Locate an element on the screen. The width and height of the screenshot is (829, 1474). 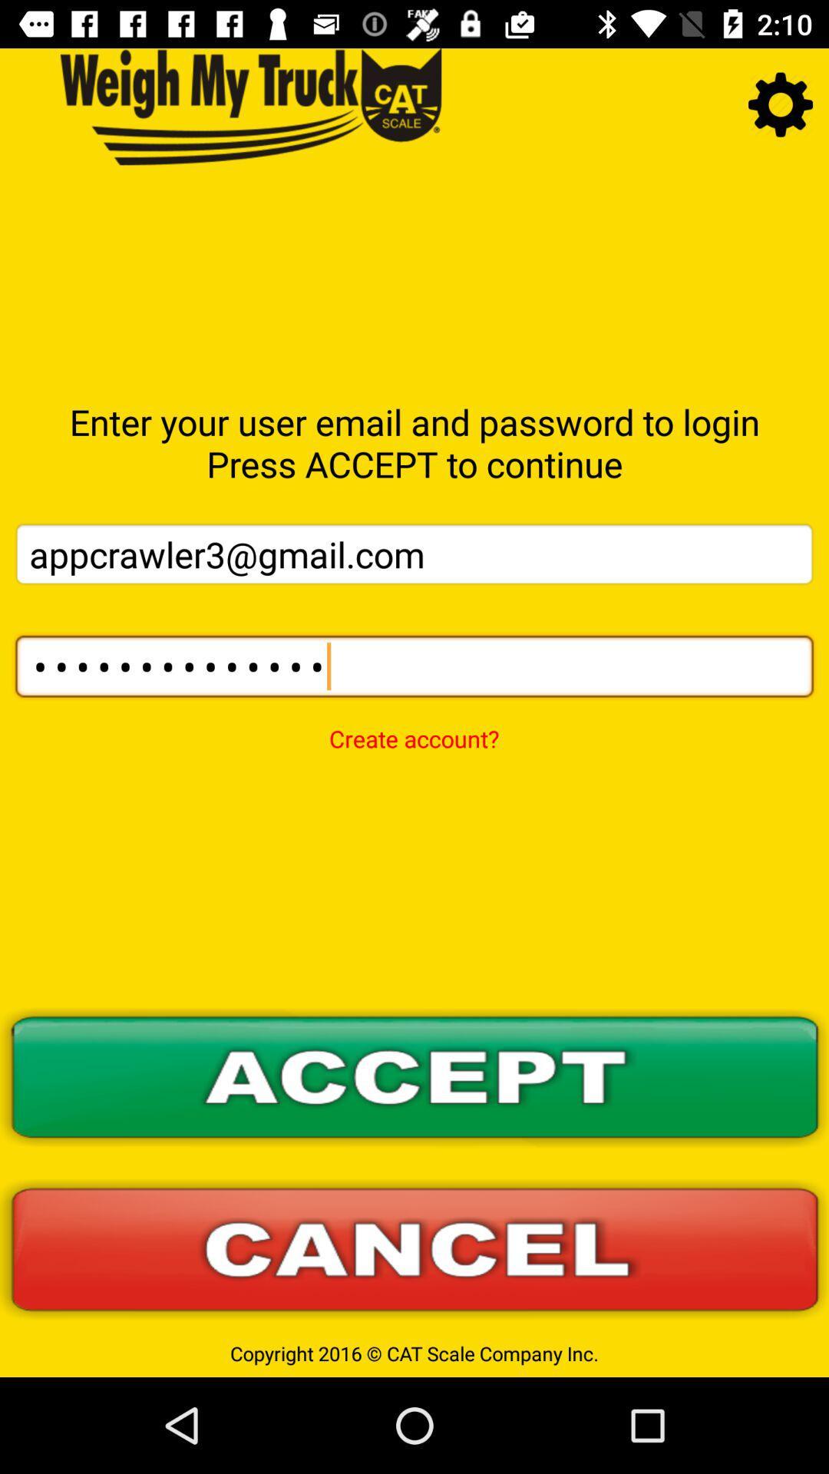
the item below appcrawler3116 is located at coordinates (413, 728).